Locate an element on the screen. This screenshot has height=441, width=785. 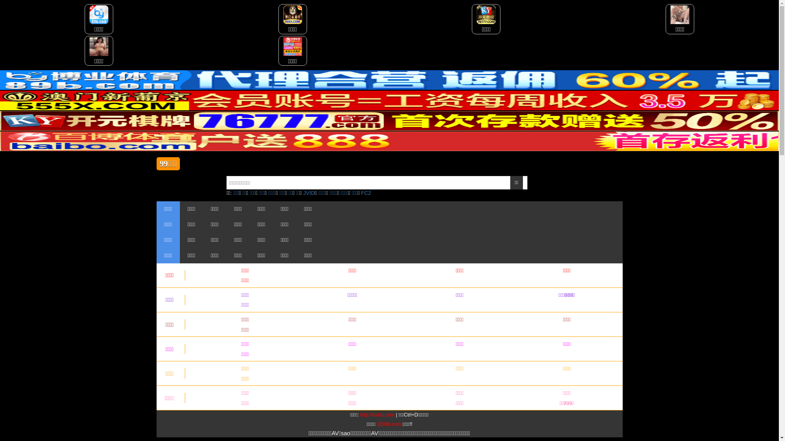
'FC2' is located at coordinates (366, 193).